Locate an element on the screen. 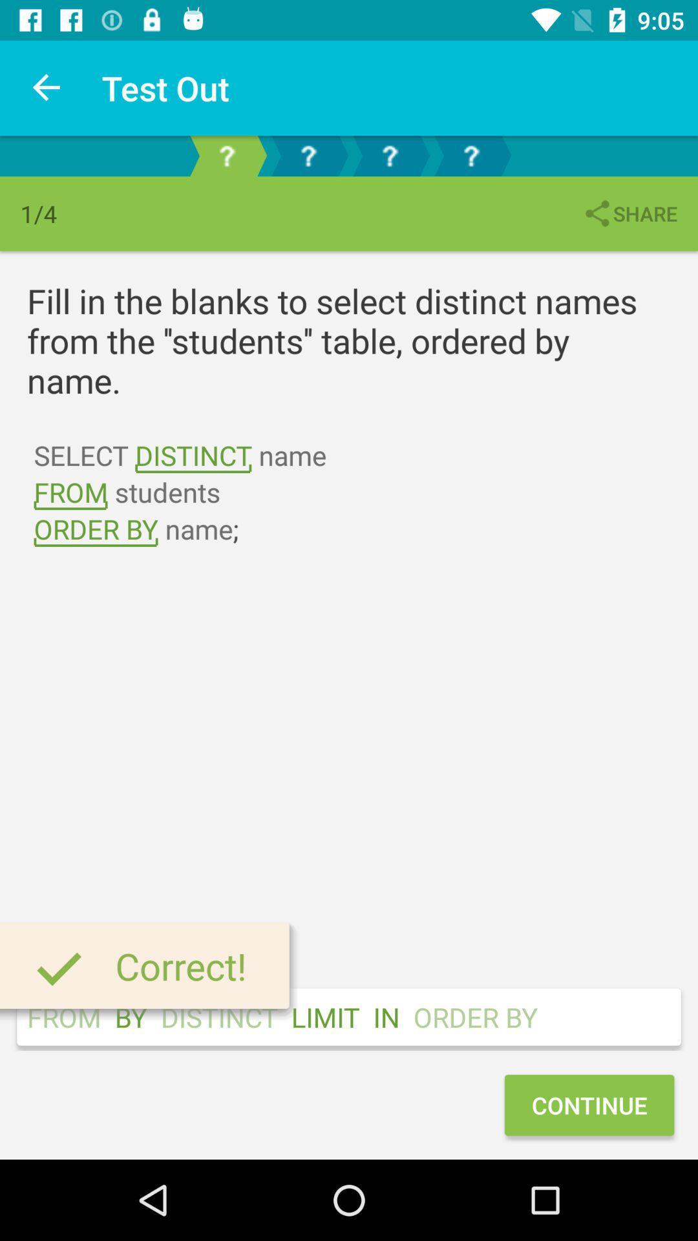 This screenshot has height=1241, width=698. questions is located at coordinates (471, 155).